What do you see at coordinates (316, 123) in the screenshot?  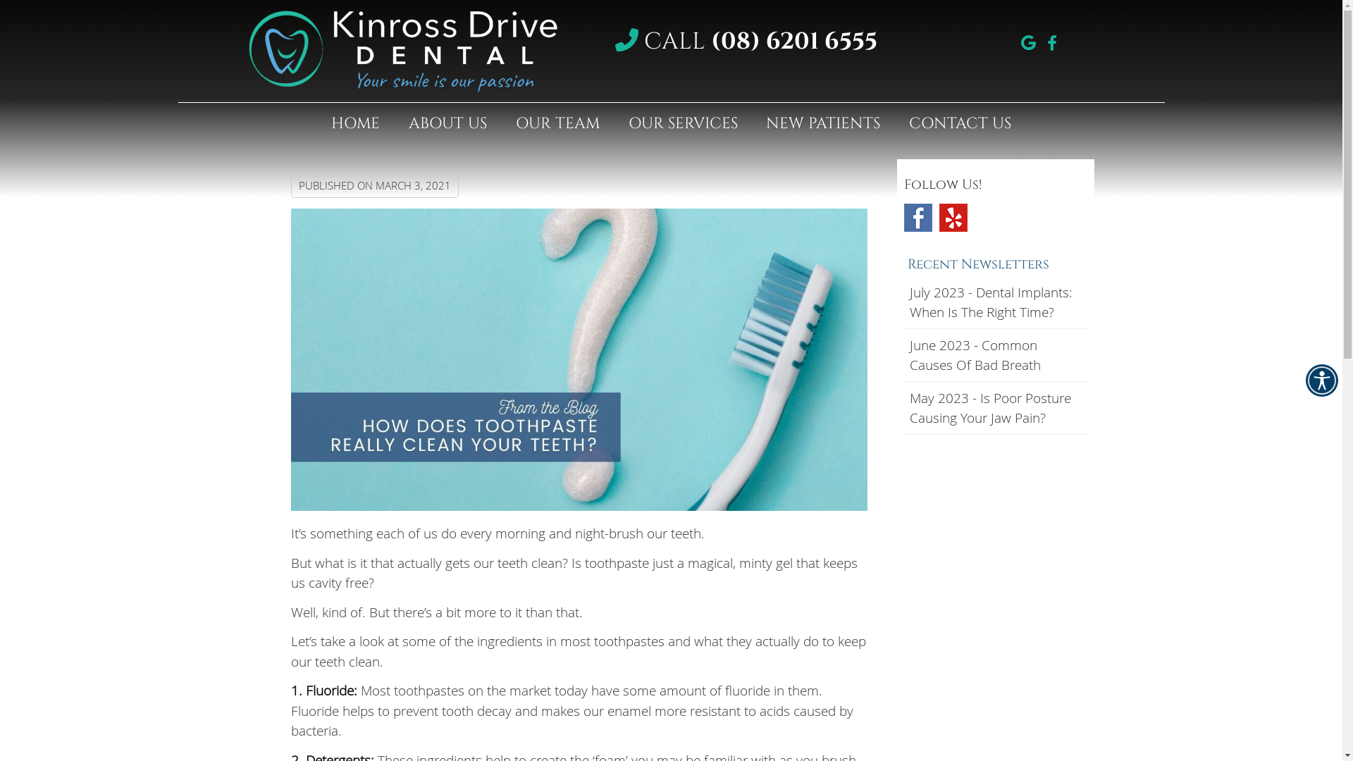 I see `'HOME'` at bounding box center [316, 123].